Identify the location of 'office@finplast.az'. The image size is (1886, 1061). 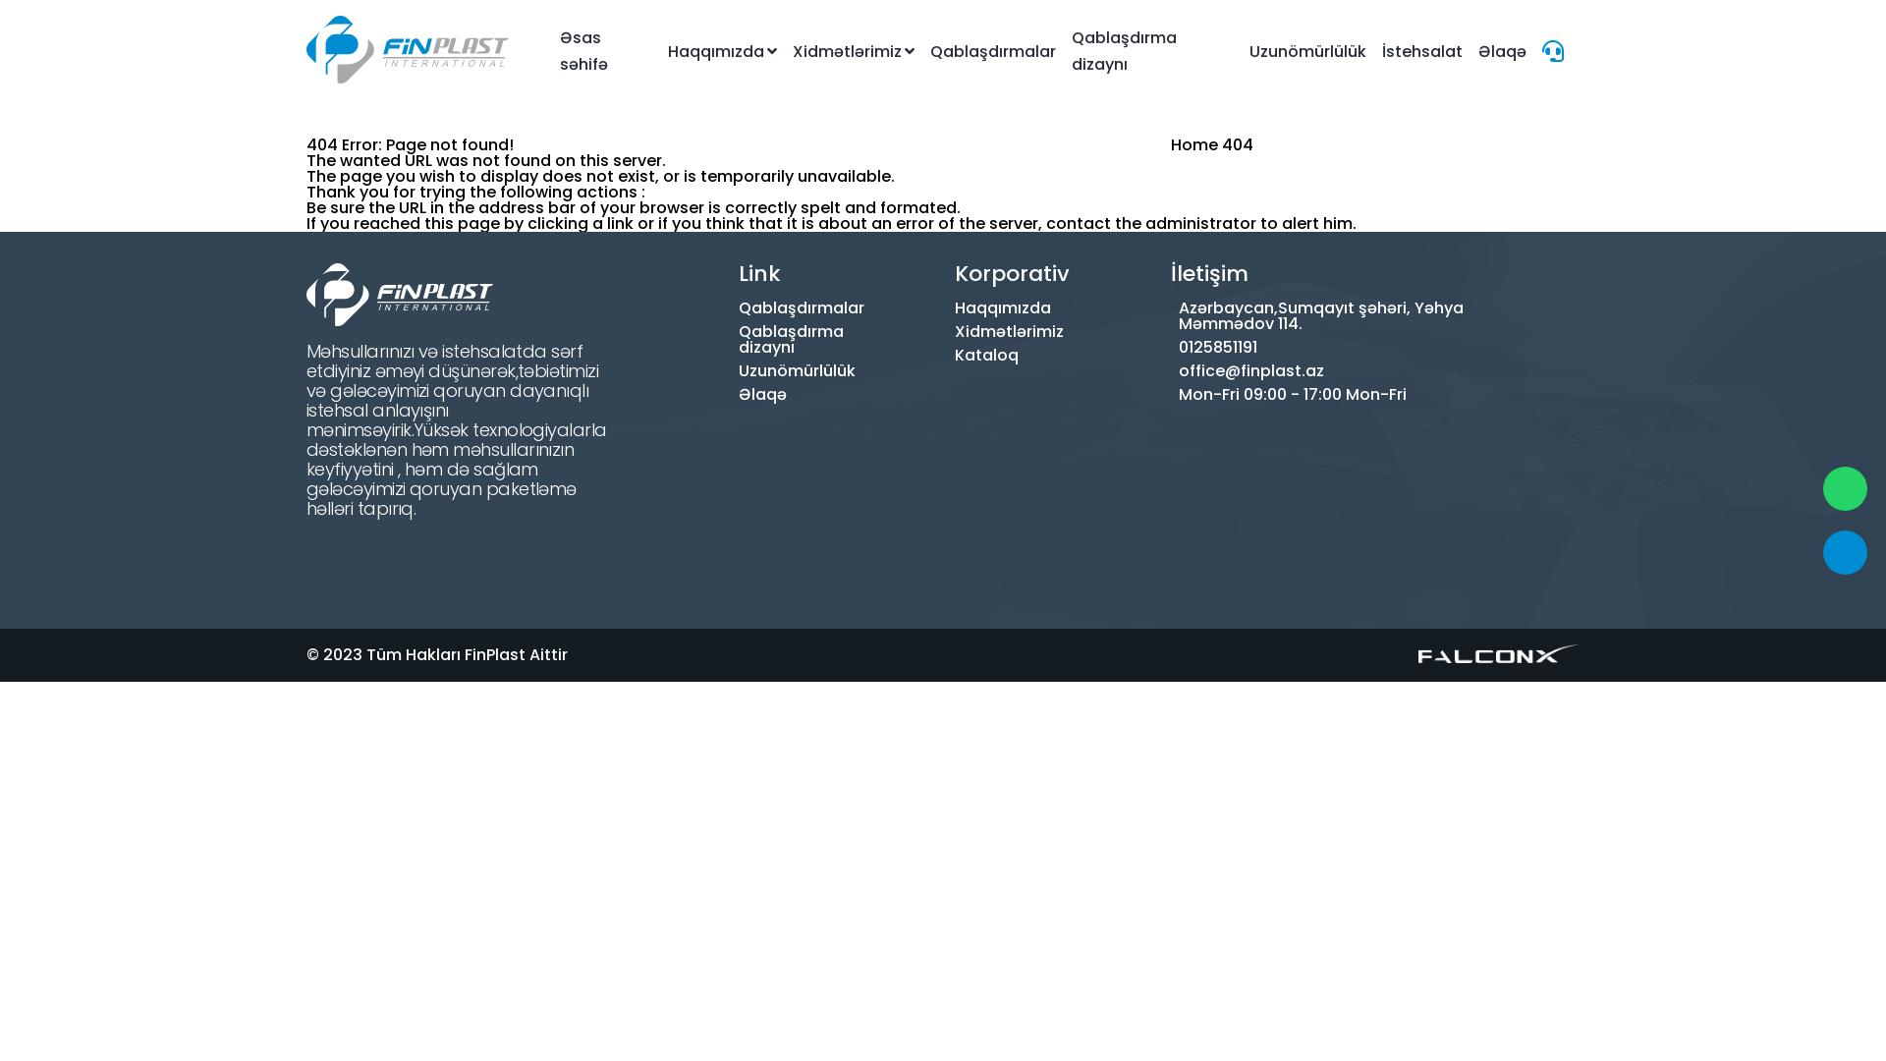
(1320, 371).